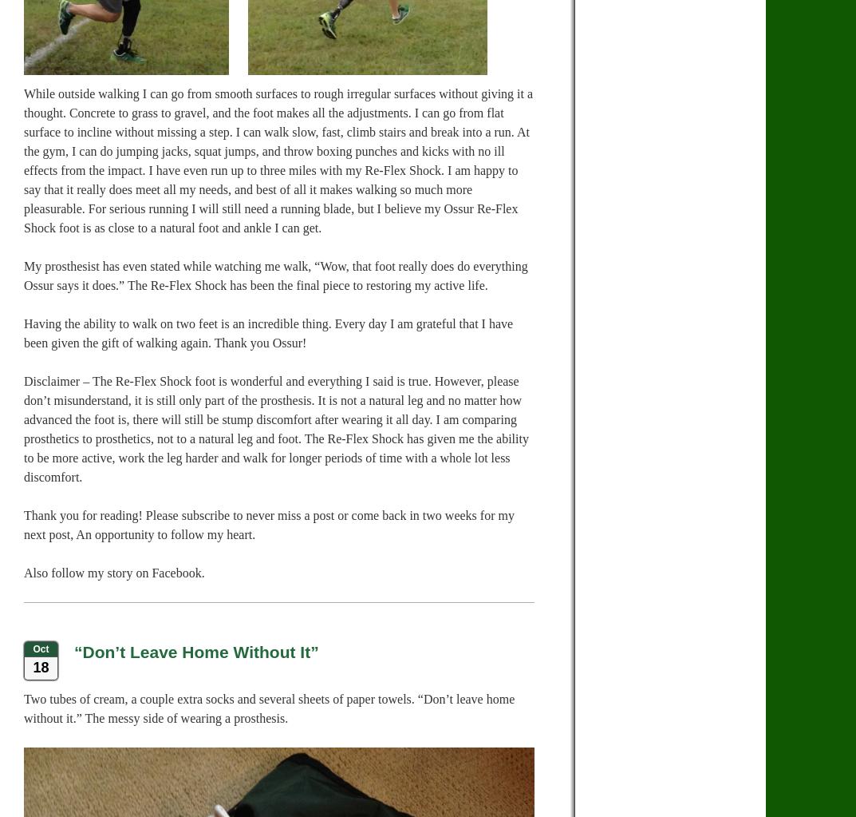 This screenshot has width=856, height=817. What do you see at coordinates (39, 648) in the screenshot?
I see `'Oct'` at bounding box center [39, 648].